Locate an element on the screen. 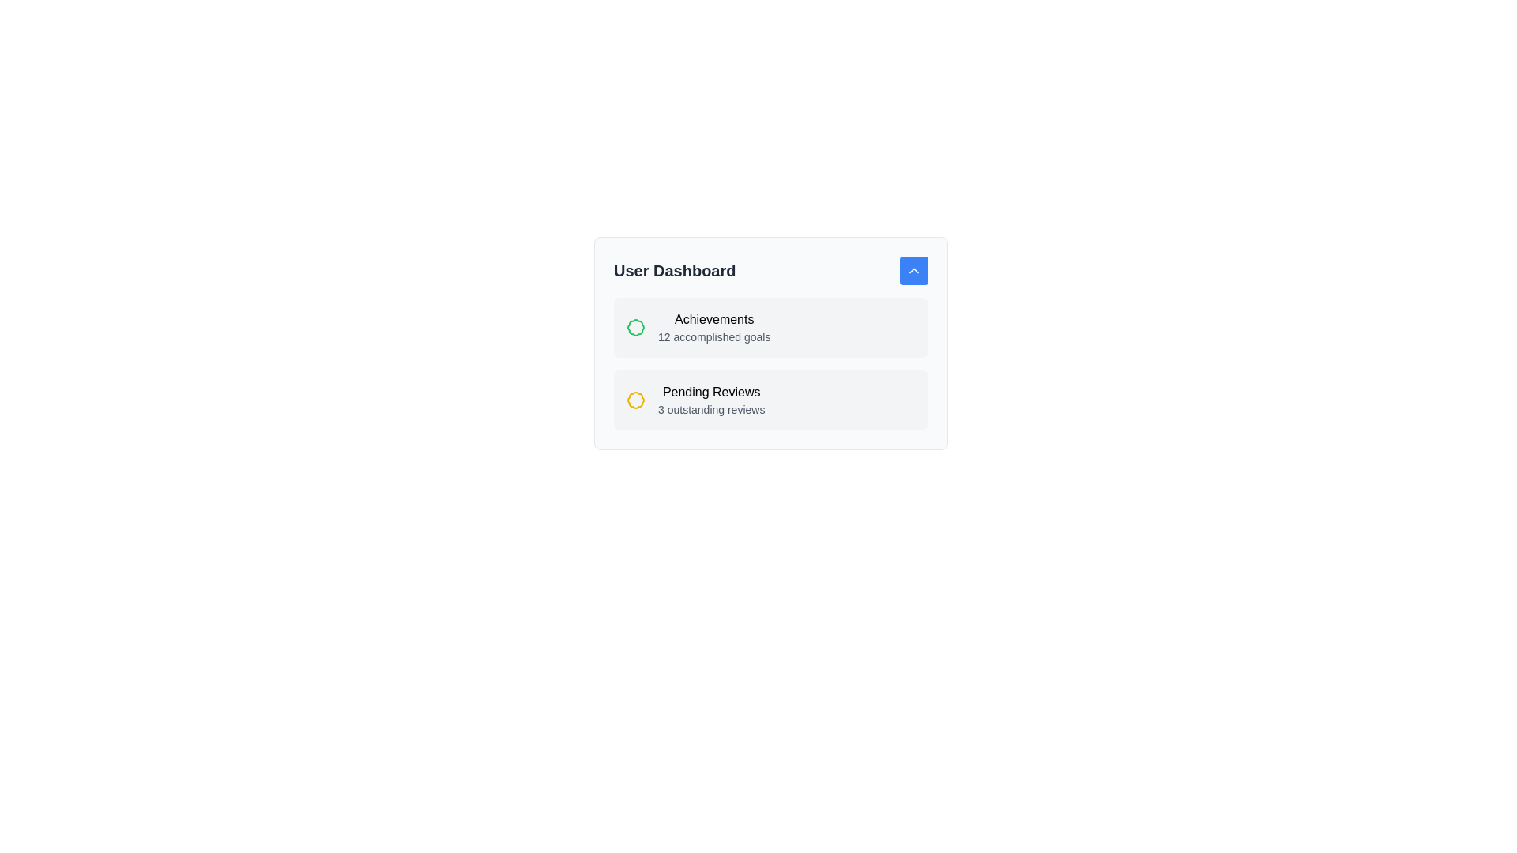 The image size is (1517, 853). the badge icon with a yellow border and a central white section located in the 'Pending Reviews' section below the 'User Dashboard' header is located at coordinates (636, 399).